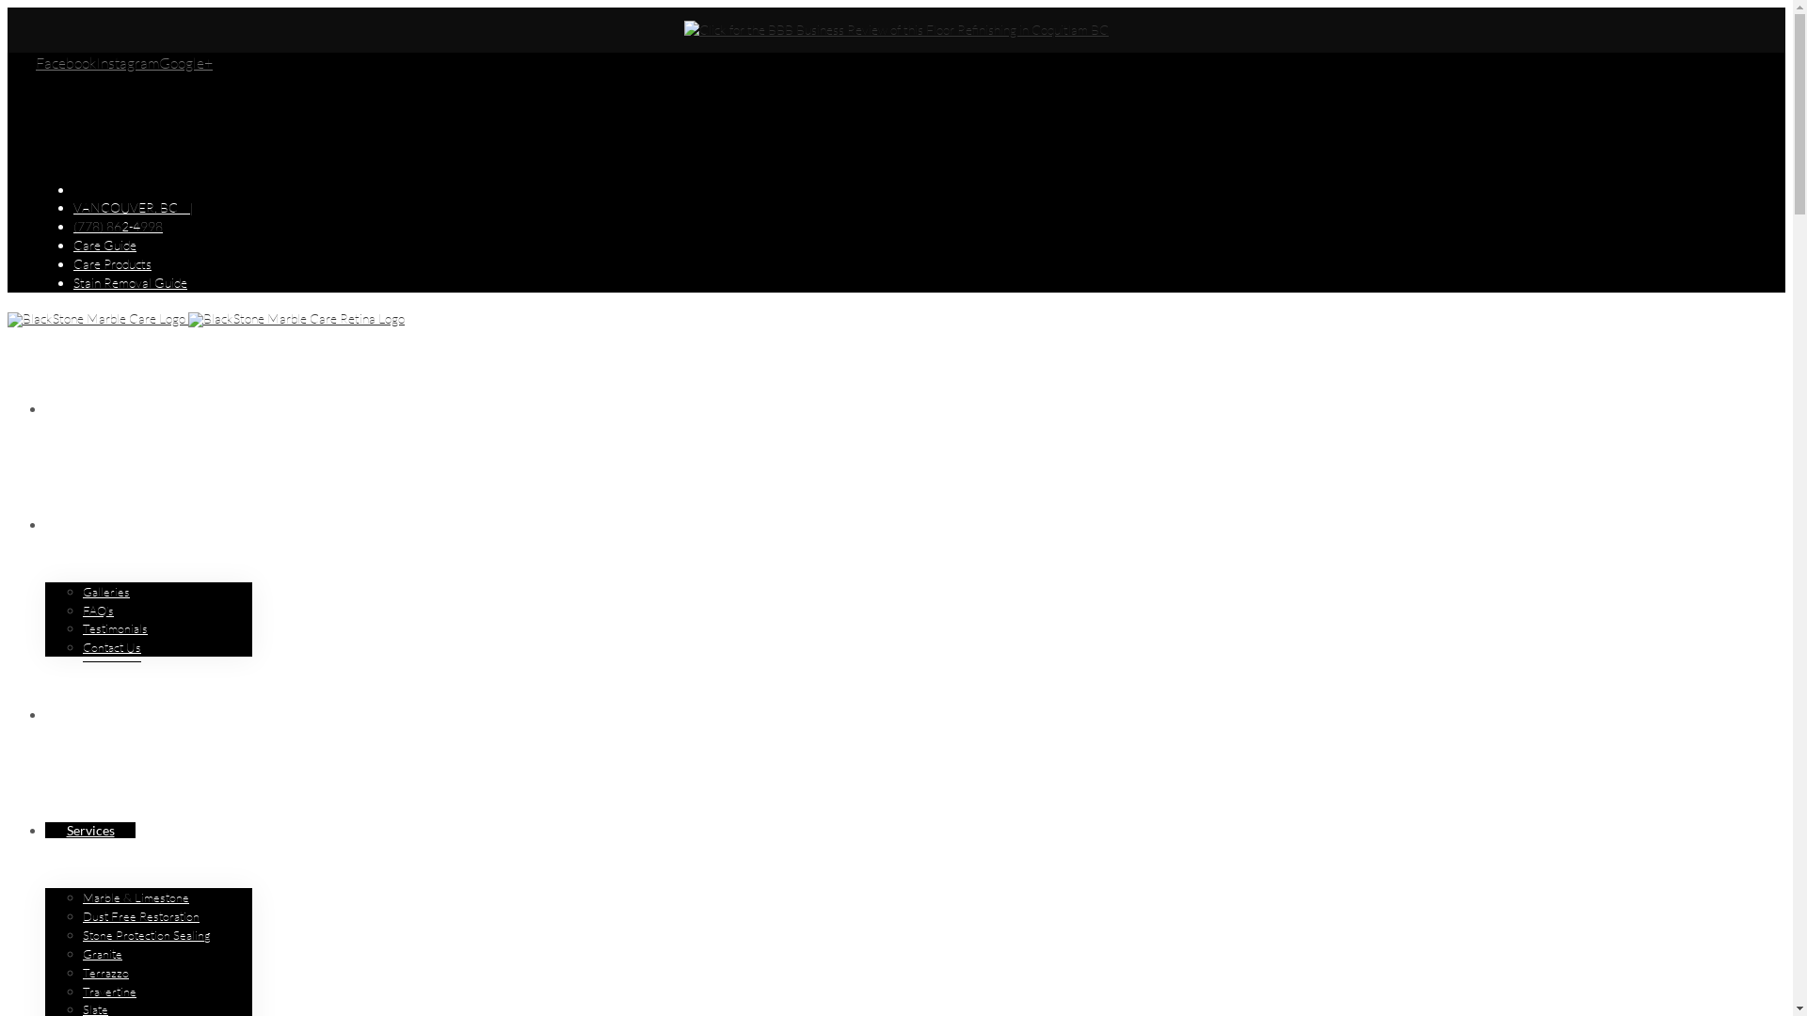 Image resolution: width=1807 pixels, height=1016 pixels. I want to click on 'Stone Protection Sealing', so click(81, 935).